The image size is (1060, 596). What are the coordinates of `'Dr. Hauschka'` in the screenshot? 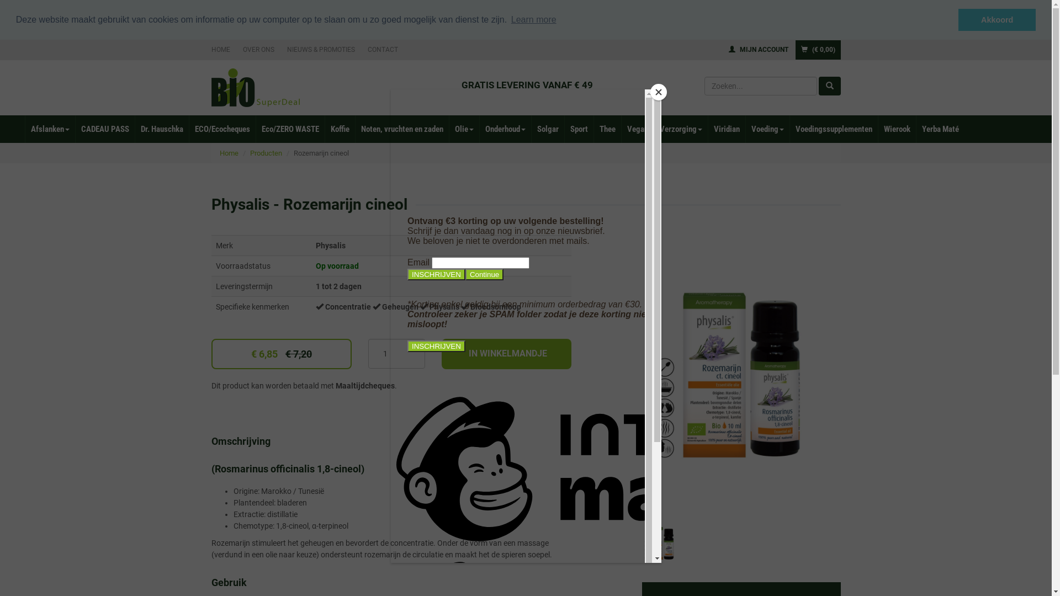 It's located at (134, 127).